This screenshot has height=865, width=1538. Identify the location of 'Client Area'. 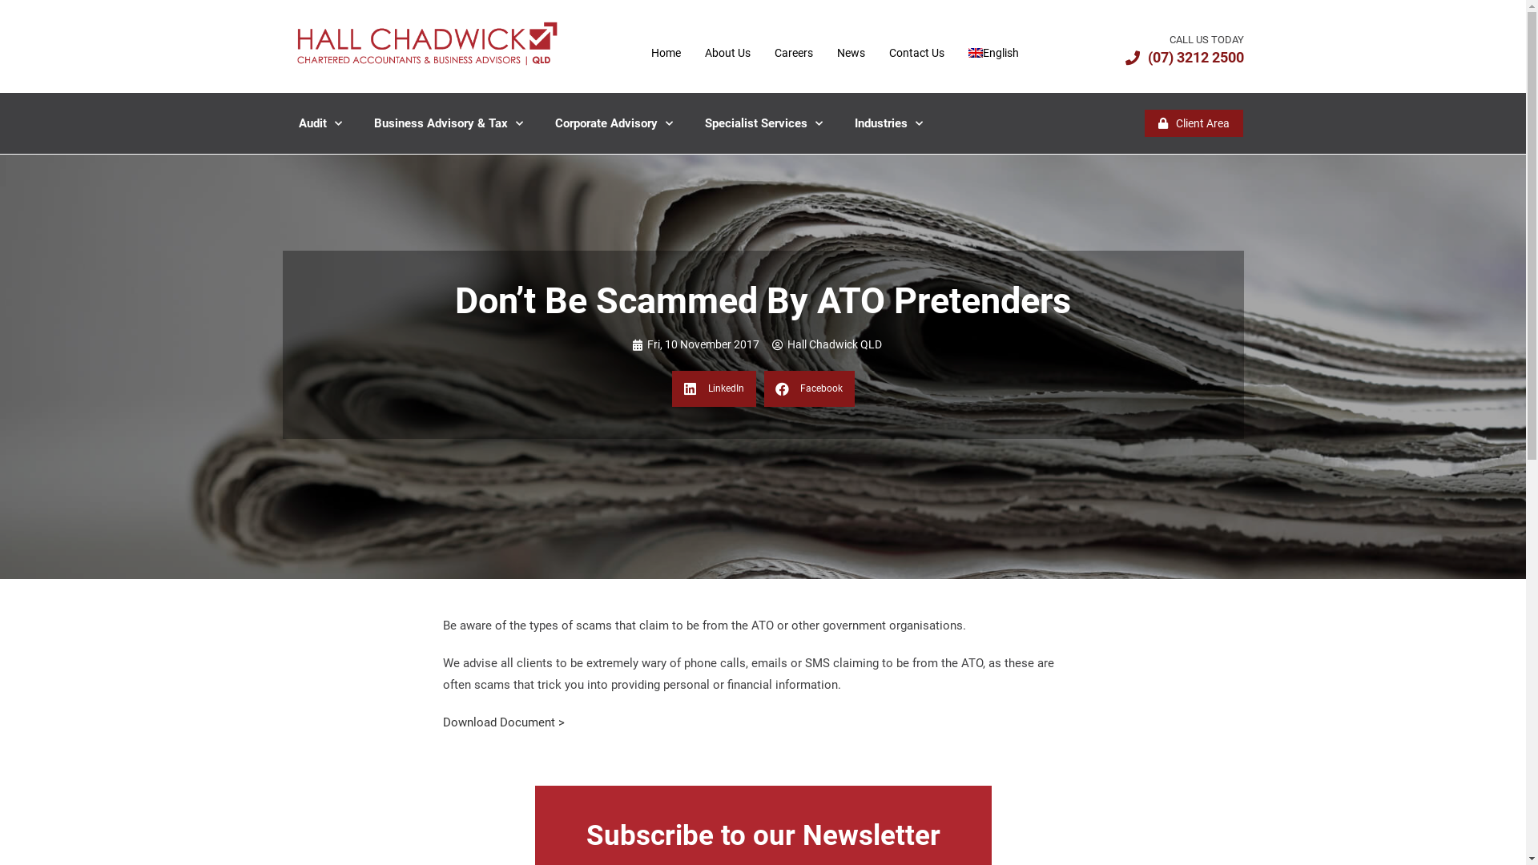
(1194, 123).